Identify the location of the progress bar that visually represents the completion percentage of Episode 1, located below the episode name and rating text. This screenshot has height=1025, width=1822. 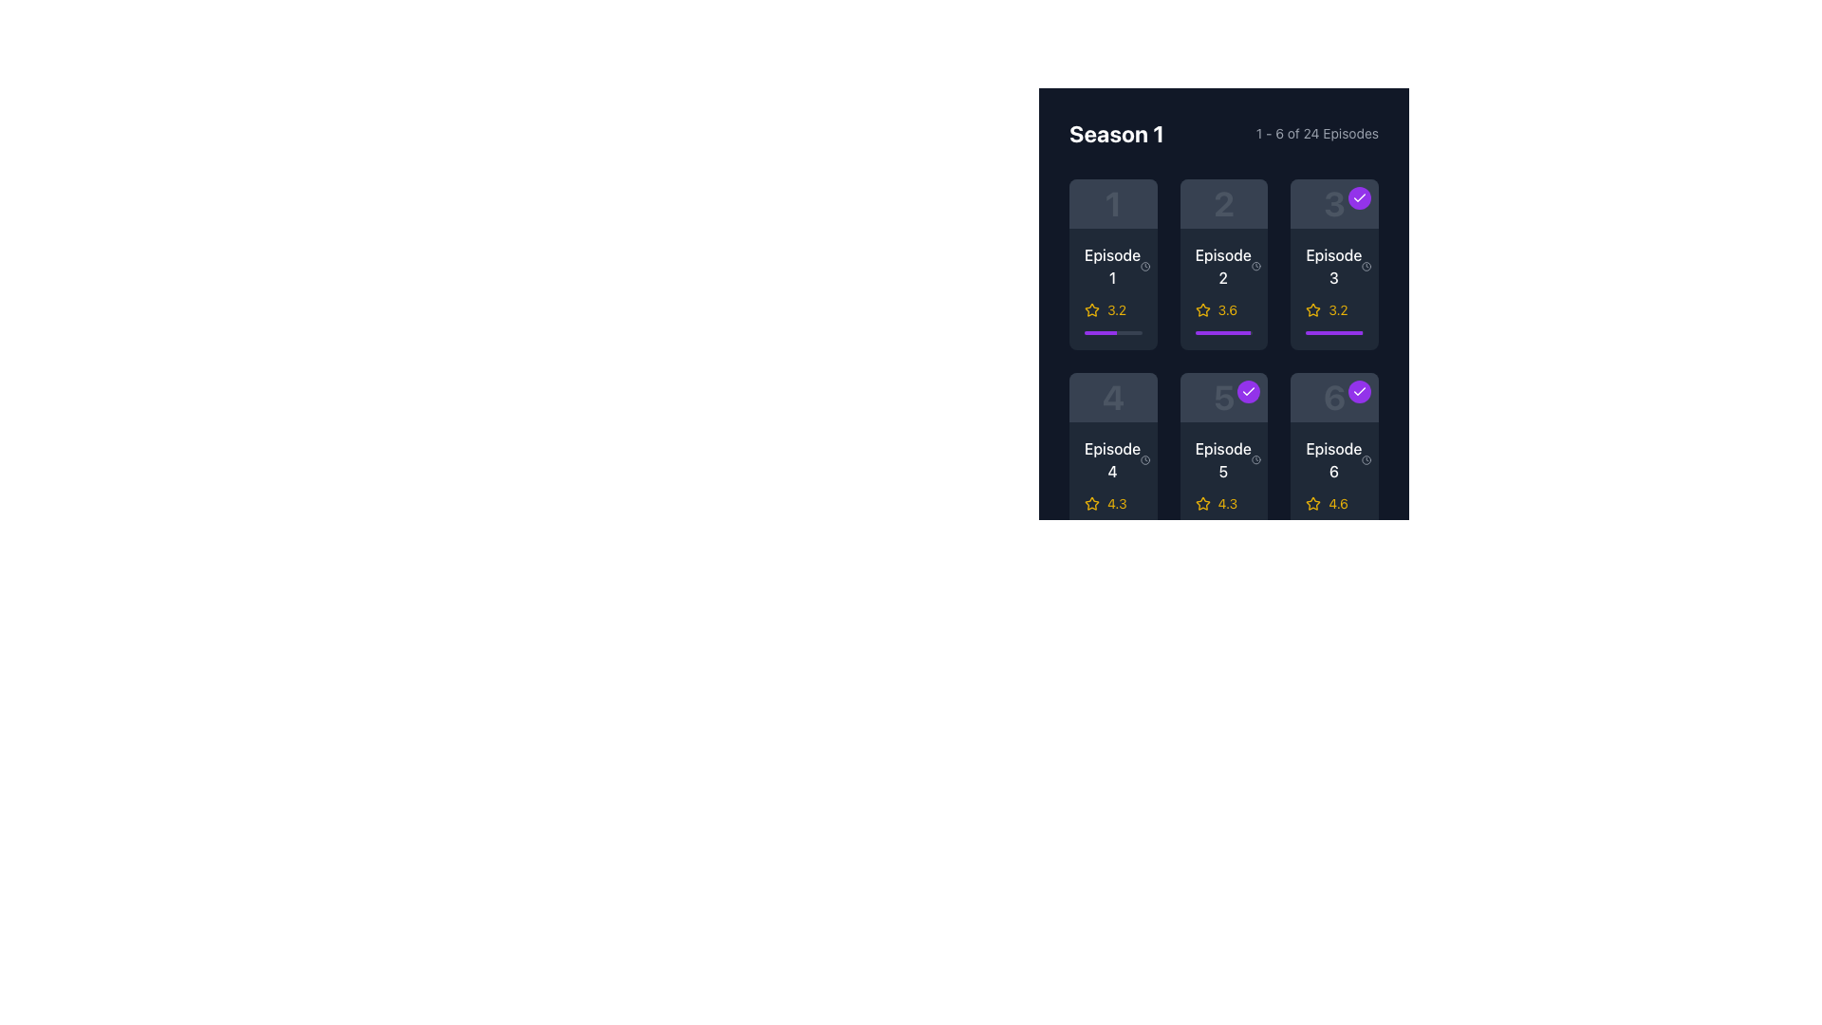
(1113, 332).